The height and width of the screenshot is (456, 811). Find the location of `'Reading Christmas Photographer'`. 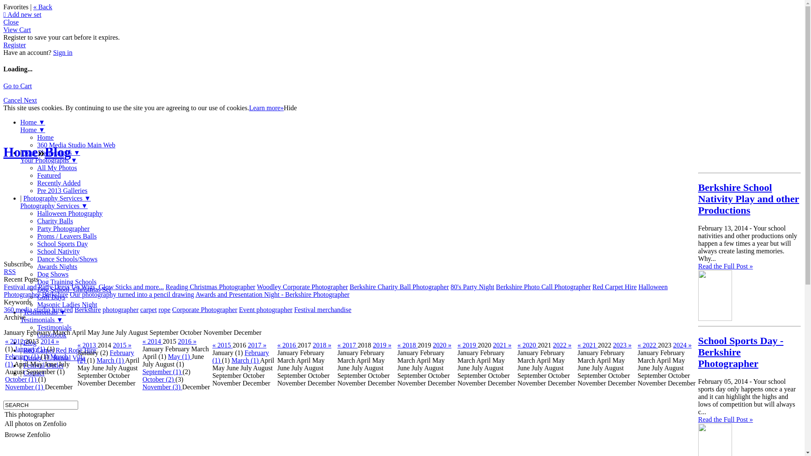

'Reading Christmas Photographer' is located at coordinates (210, 286).